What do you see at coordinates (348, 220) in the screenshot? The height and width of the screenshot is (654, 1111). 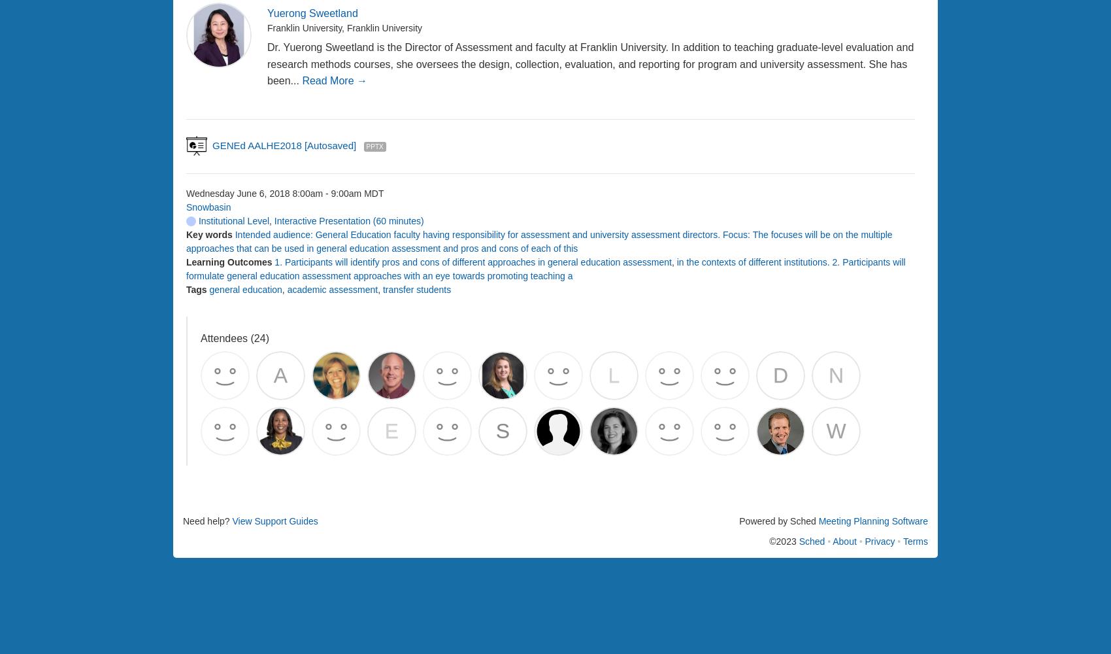 I see `'Interactive Presentation (60 minutes)'` at bounding box center [348, 220].